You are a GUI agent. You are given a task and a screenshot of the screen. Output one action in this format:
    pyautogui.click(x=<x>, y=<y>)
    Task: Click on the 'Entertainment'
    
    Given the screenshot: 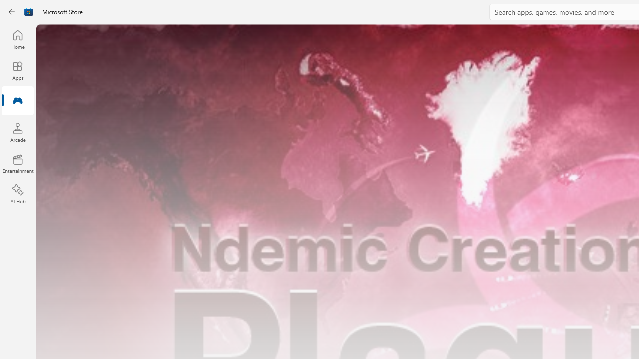 What is the action you would take?
    pyautogui.click(x=17, y=163)
    